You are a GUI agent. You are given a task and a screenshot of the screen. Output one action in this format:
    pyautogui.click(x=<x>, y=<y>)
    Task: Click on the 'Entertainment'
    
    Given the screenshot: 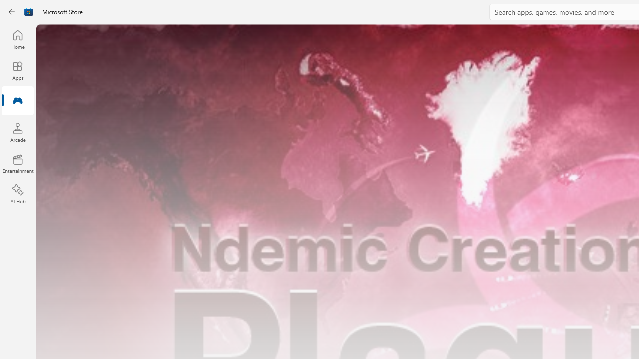 What is the action you would take?
    pyautogui.click(x=17, y=163)
    